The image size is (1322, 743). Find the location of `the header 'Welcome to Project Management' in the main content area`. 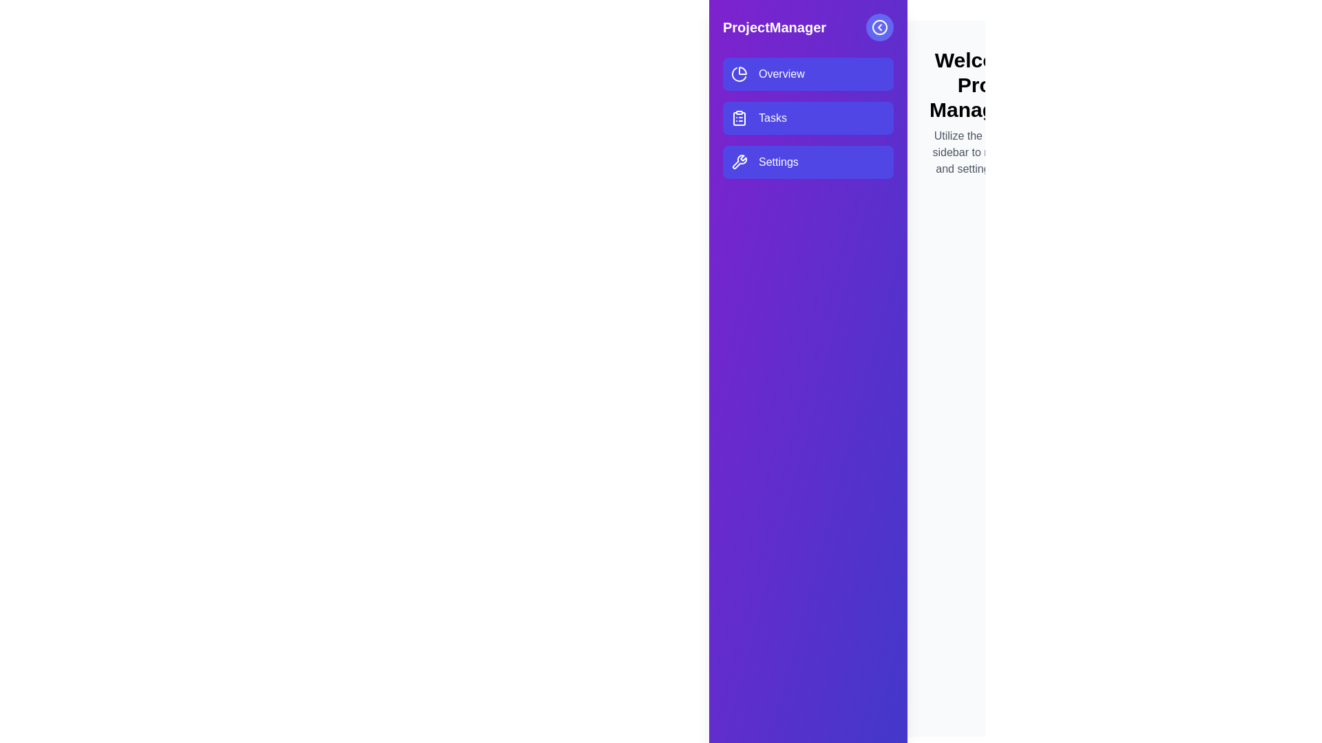

the header 'Welcome to Project Management' in the main content area is located at coordinates (992, 85).